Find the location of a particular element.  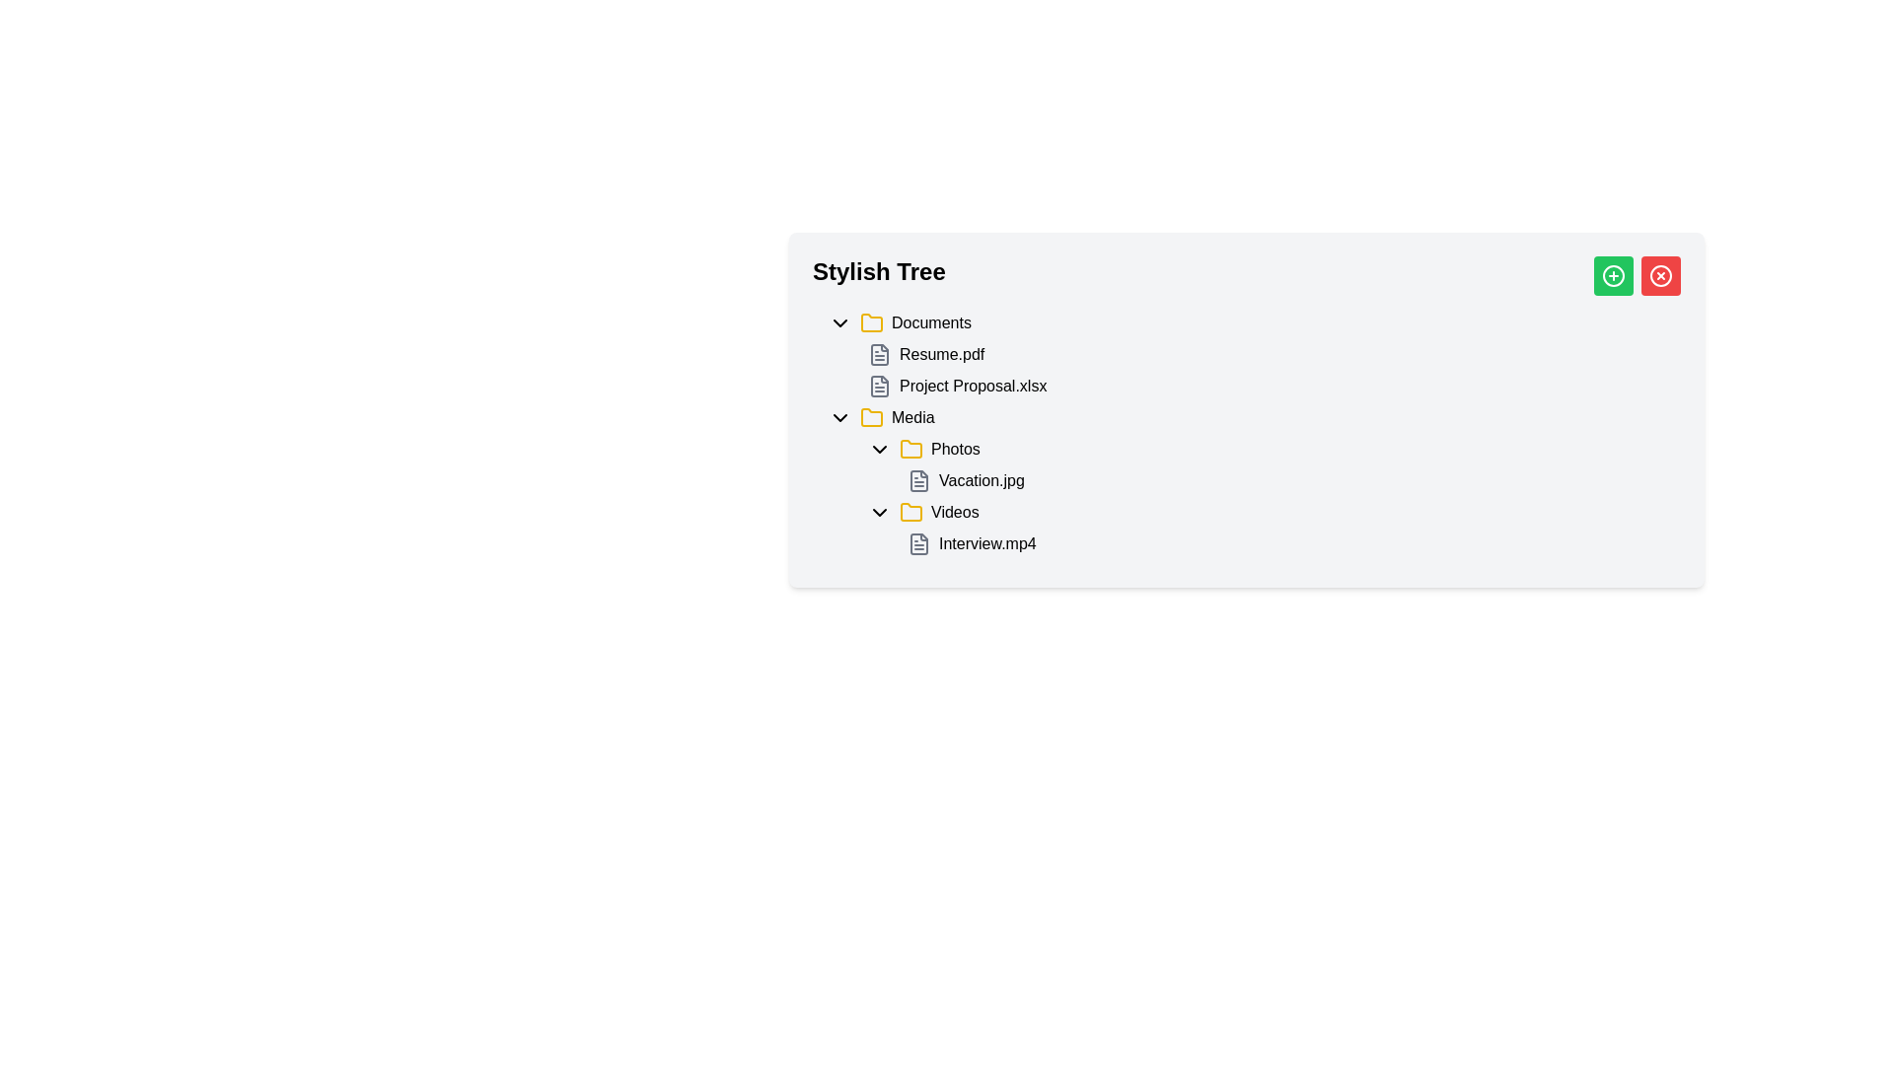

the 'Photos' folder icon in the file browsing interface, which is located under the expanded 'Media' folder section and precedes the 'Vacation.jpg' item is located at coordinates (911, 449).